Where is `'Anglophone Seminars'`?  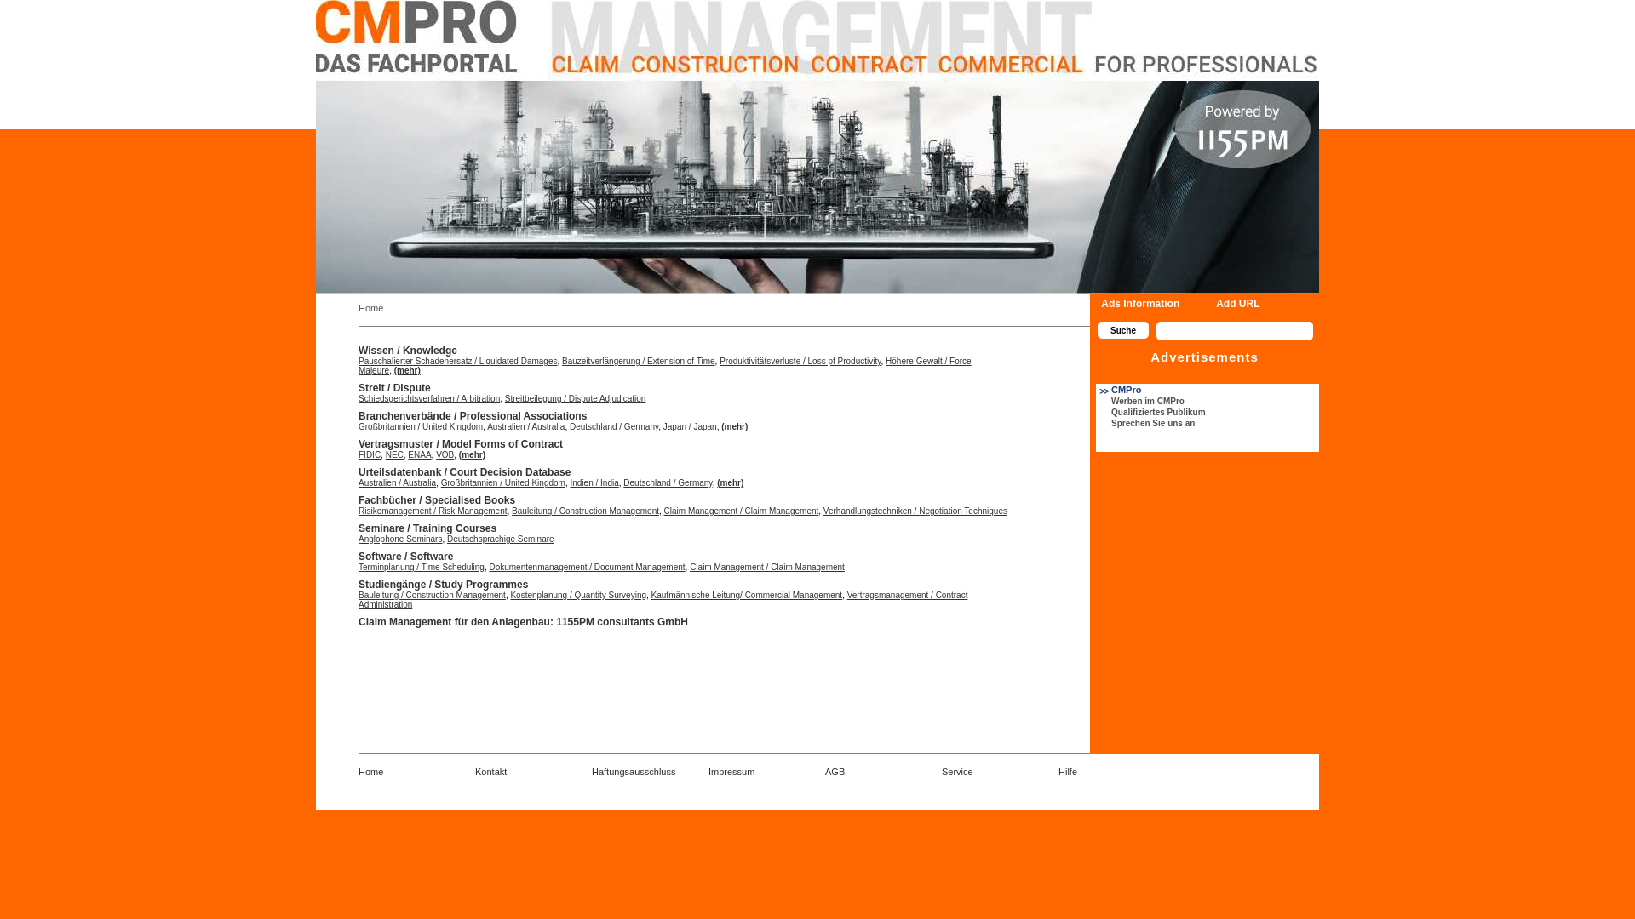
'Anglophone Seminars' is located at coordinates (399, 539).